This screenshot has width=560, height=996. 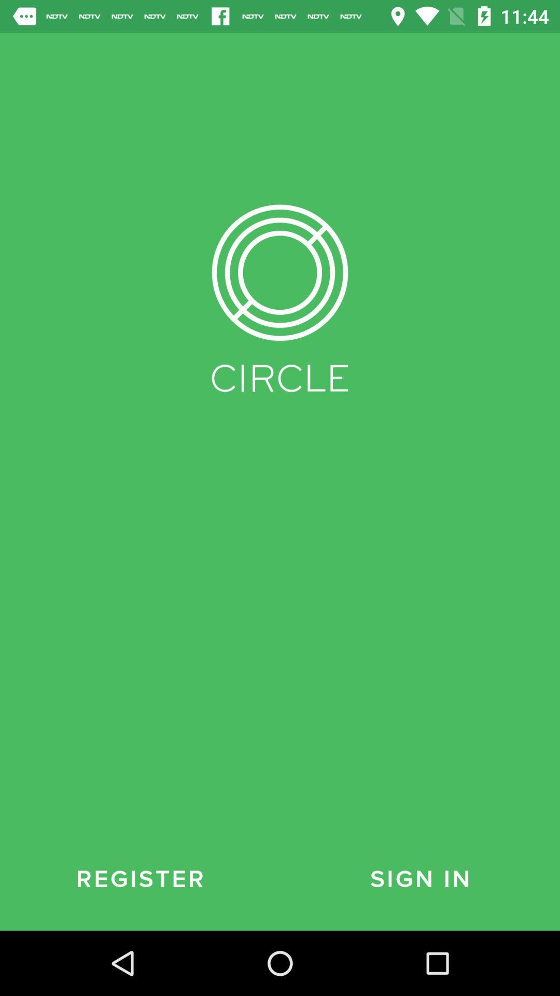 I want to click on item next to the sign in, so click(x=140, y=879).